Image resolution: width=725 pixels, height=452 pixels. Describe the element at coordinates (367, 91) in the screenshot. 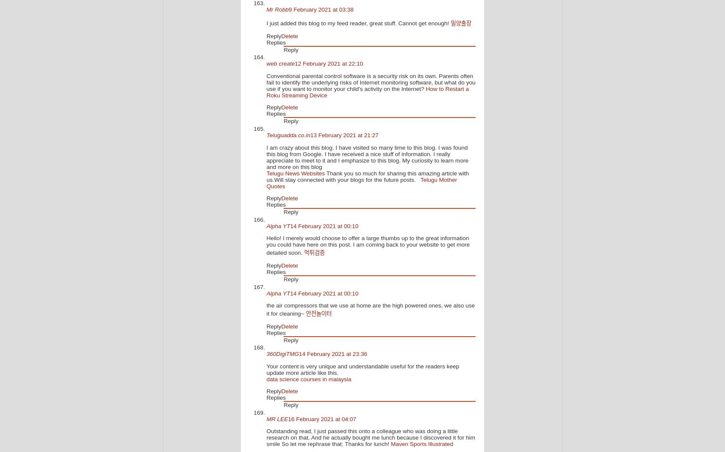

I see `'How to Restart a Roku Streaming Device'` at that location.